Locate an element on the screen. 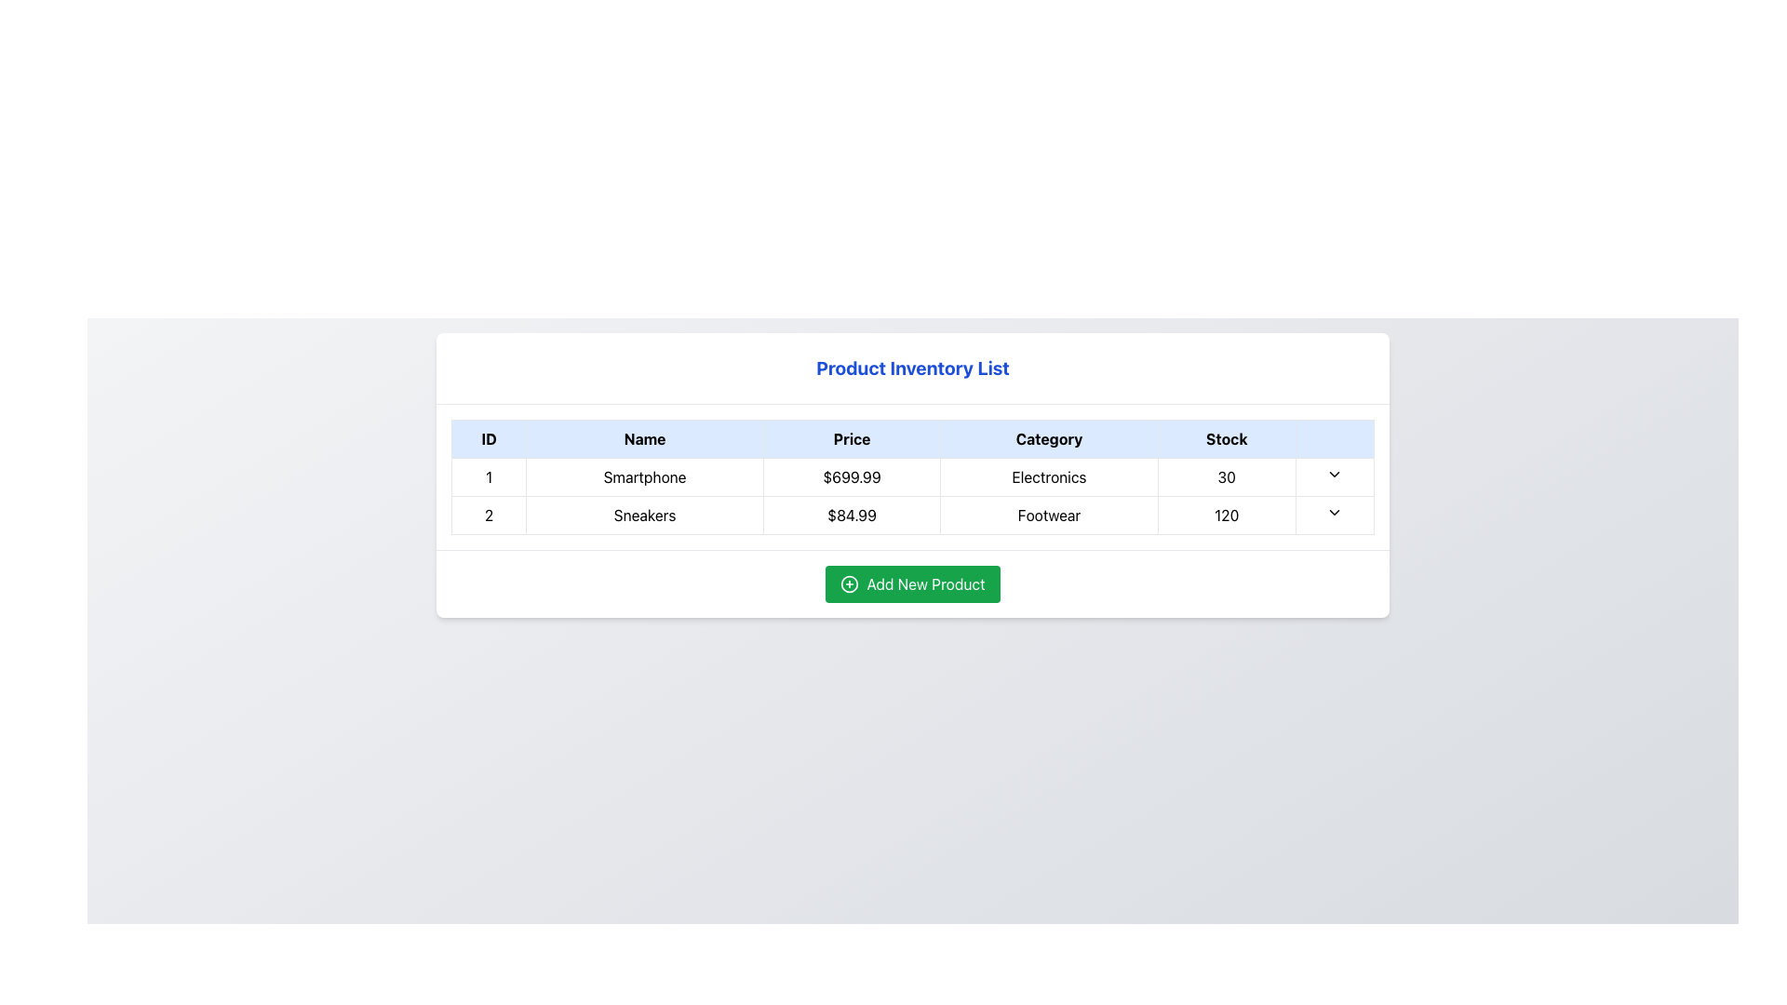 The image size is (1787, 1005). the button that allows users to add a new product to the inventory, positioned at the center of the bottom line of the product inventory section is located at coordinates (912, 583).